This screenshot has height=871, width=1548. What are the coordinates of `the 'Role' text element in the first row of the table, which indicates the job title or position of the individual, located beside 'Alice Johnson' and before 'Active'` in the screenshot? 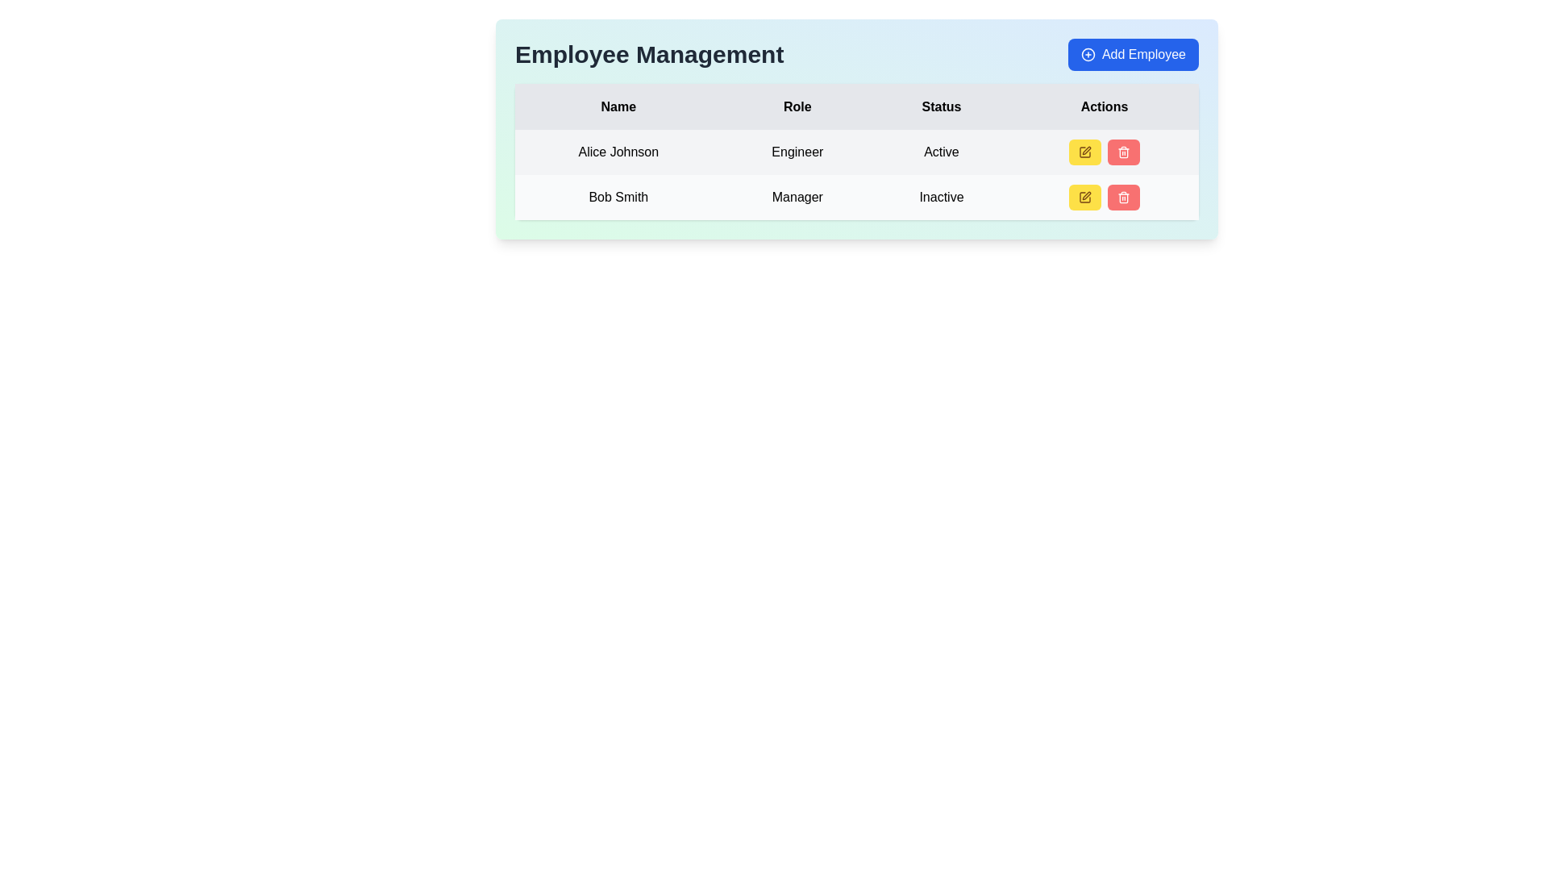 It's located at (797, 152).